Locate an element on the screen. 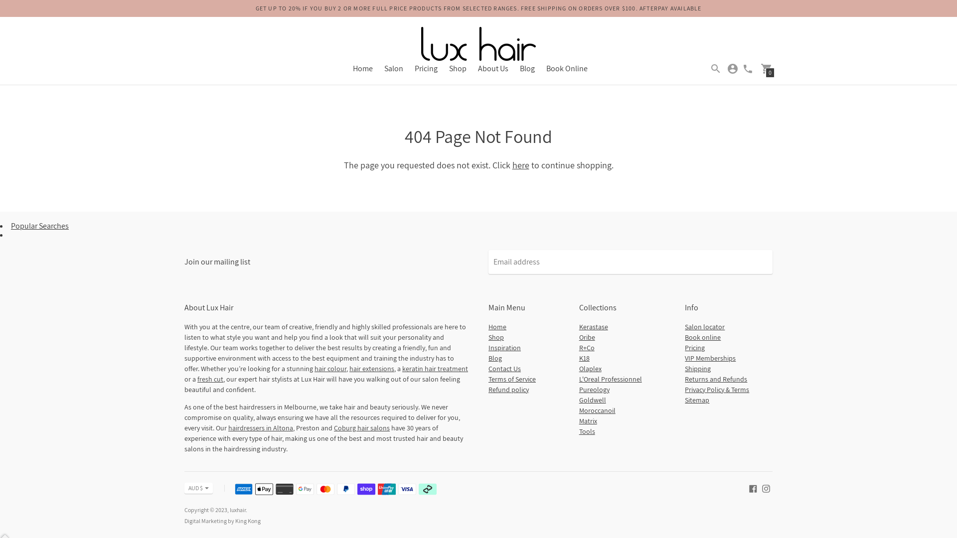 This screenshot has height=538, width=957. 'Popular Searches' is located at coordinates (40, 226).